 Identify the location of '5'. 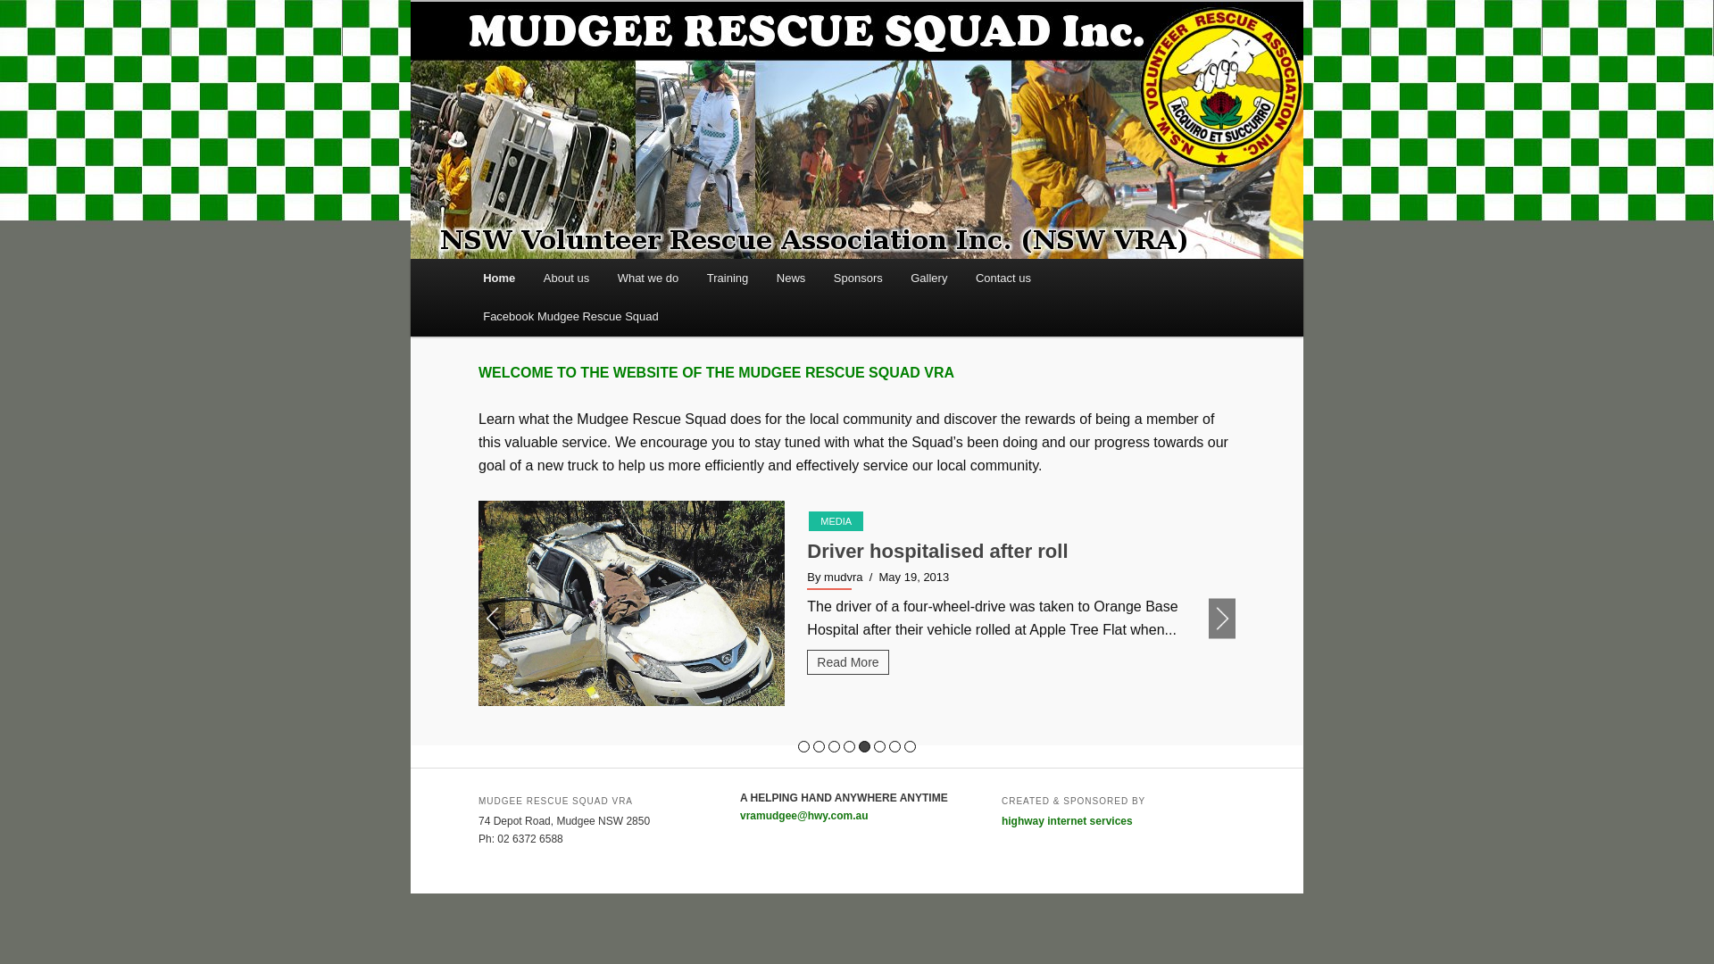
(864, 746).